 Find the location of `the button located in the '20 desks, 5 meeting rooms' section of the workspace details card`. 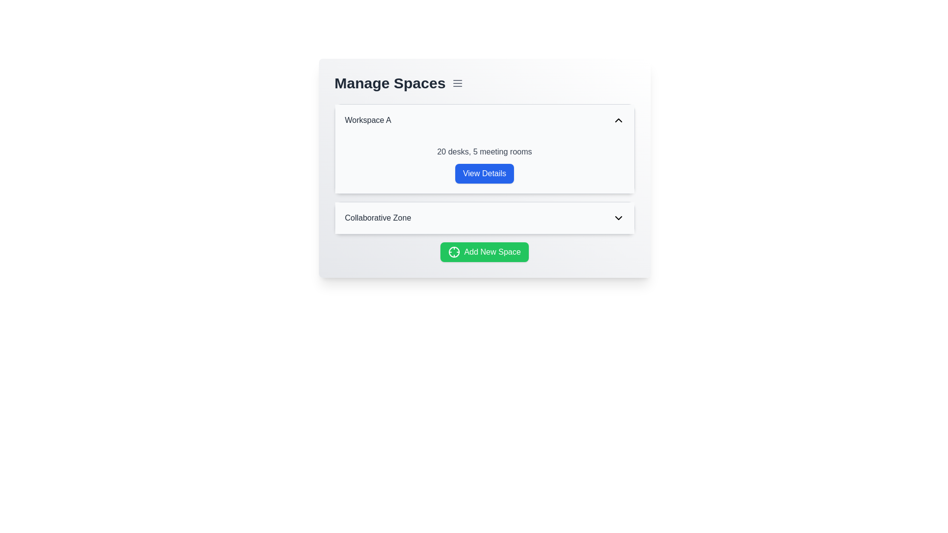

the button located in the '20 desks, 5 meeting rooms' section of the workspace details card is located at coordinates (484, 173).